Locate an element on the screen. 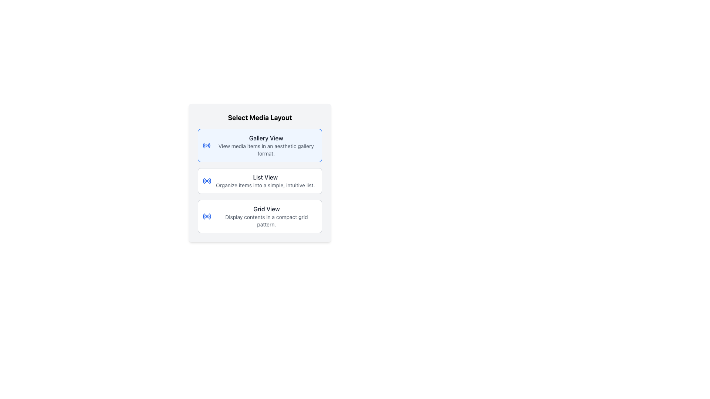 Image resolution: width=710 pixels, height=399 pixels. the 'Grid View' title is located at coordinates (266, 216).